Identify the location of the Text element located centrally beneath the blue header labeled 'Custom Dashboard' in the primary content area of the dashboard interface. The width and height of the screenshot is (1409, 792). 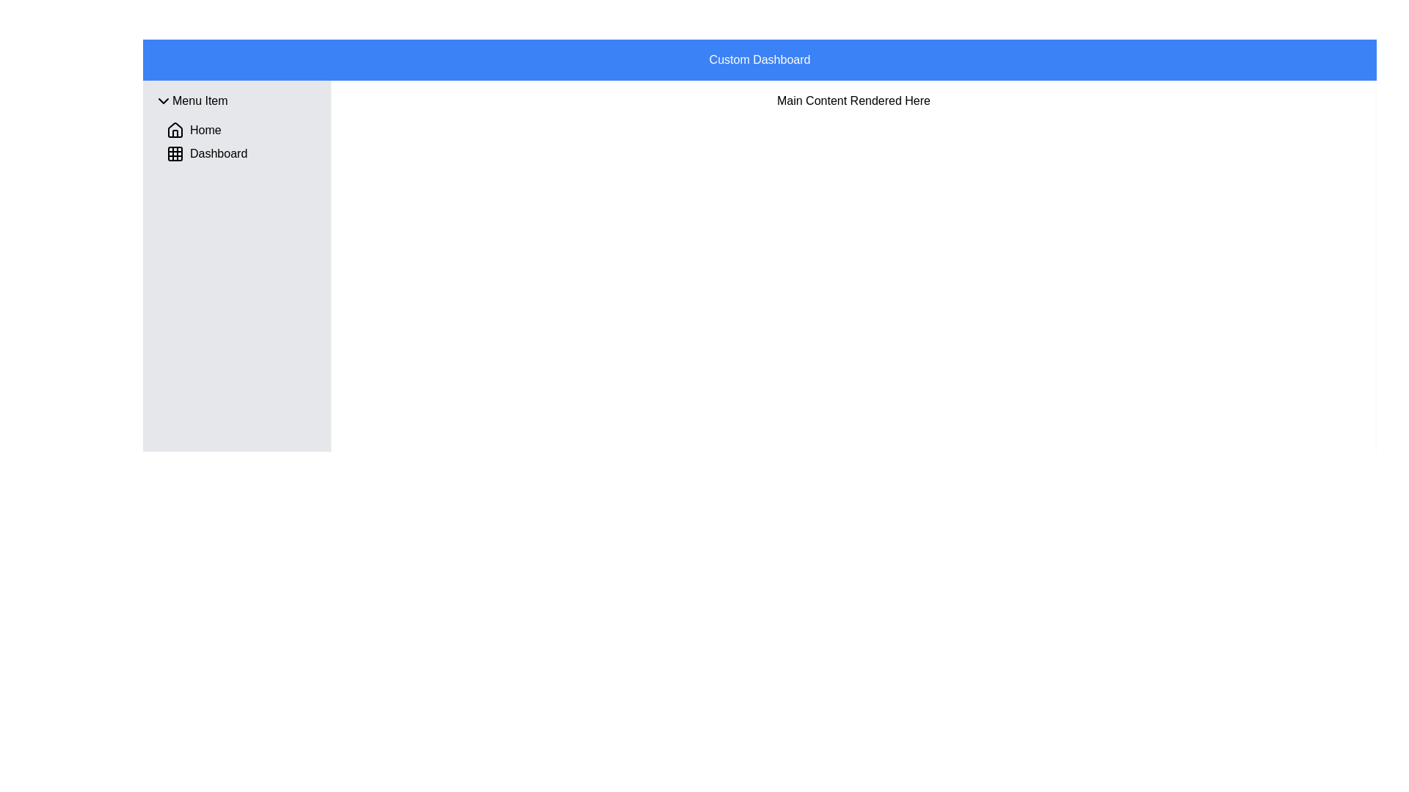
(853, 100).